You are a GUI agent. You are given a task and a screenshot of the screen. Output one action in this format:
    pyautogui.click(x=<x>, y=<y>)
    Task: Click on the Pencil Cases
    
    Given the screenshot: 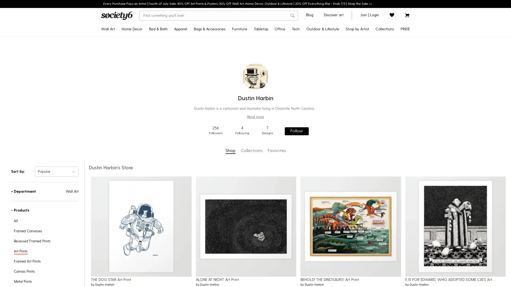 What is the action you would take?
    pyautogui.click(x=293, y=94)
    